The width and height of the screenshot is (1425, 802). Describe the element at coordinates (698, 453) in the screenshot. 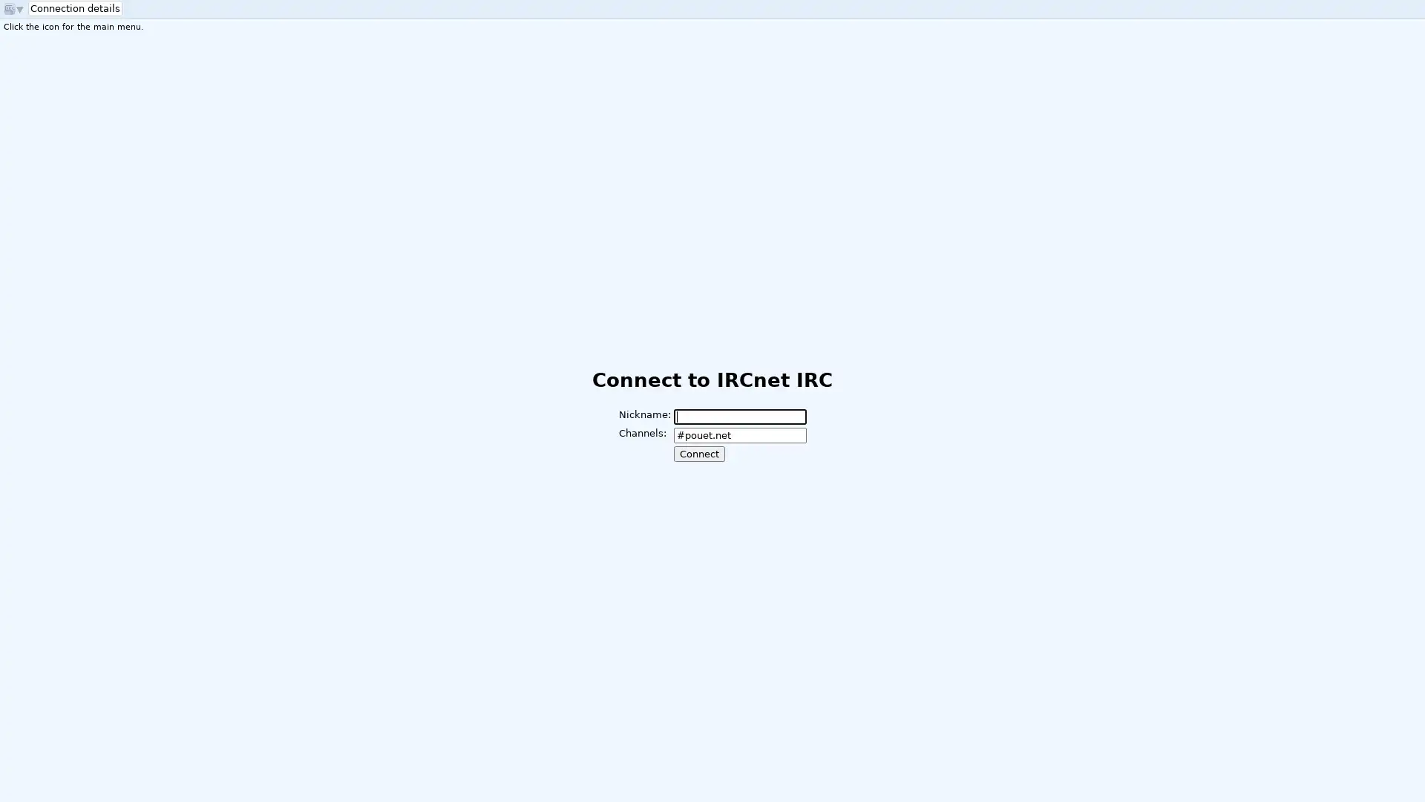

I see `Connect` at that location.